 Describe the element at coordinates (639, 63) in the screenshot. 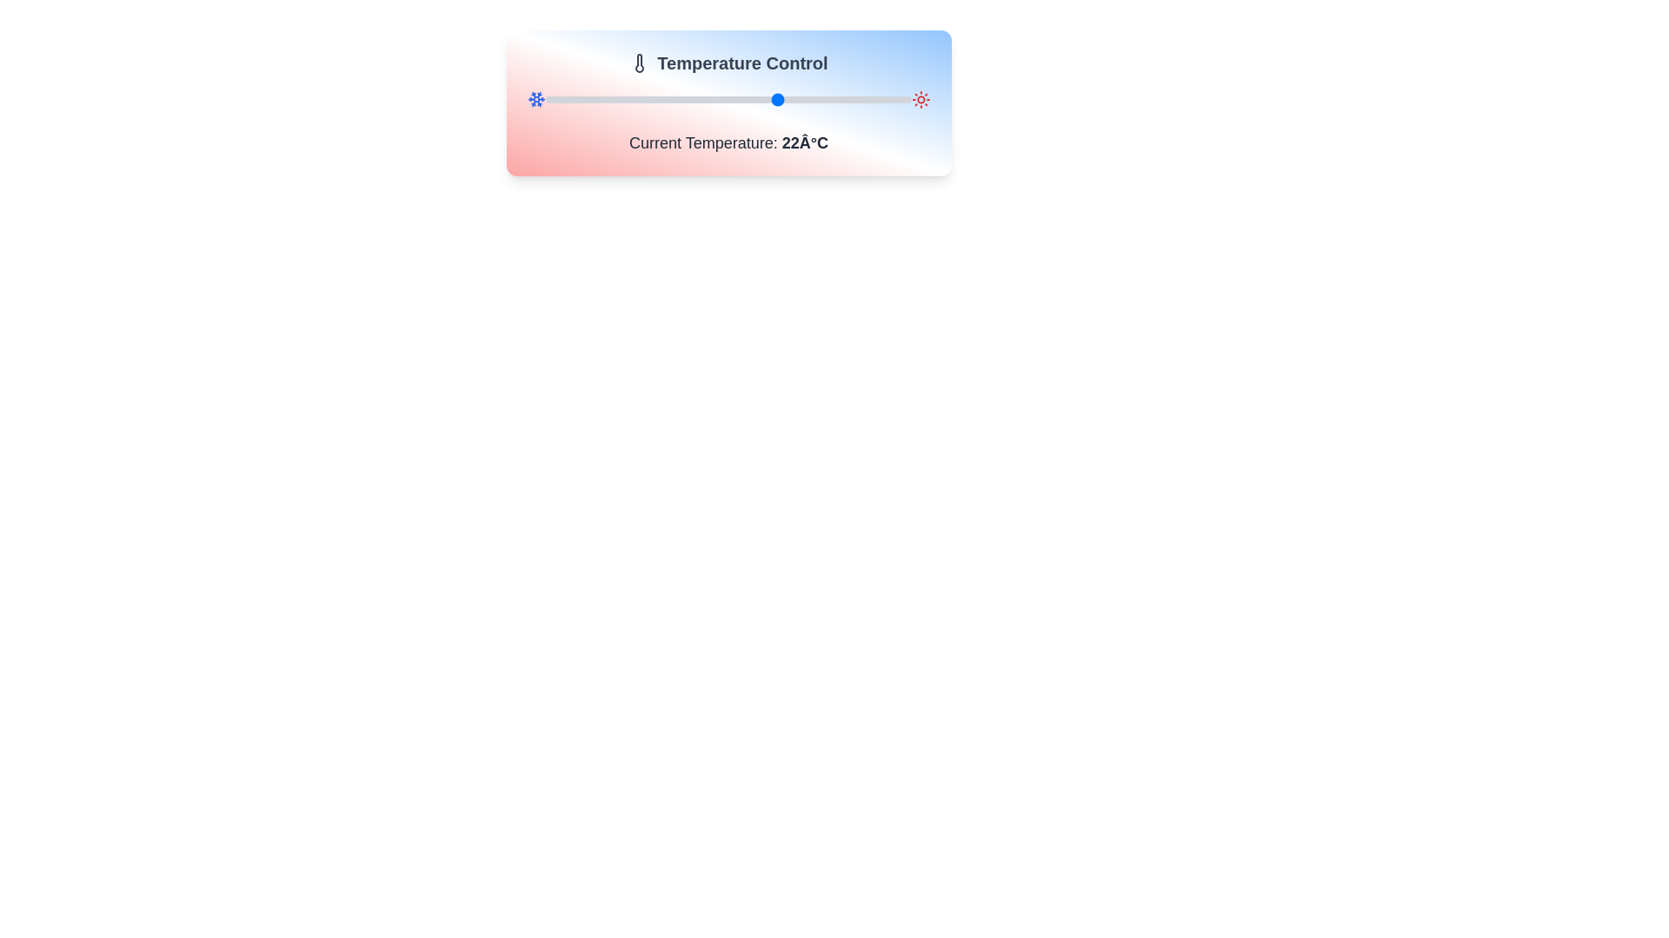

I see `the thermometer icon, which is a minimalistic SVG graphic styled as an outline with a rounded top and bulb at the bottom, located to the left of the 'Temperature Control' text in the header bar` at that location.